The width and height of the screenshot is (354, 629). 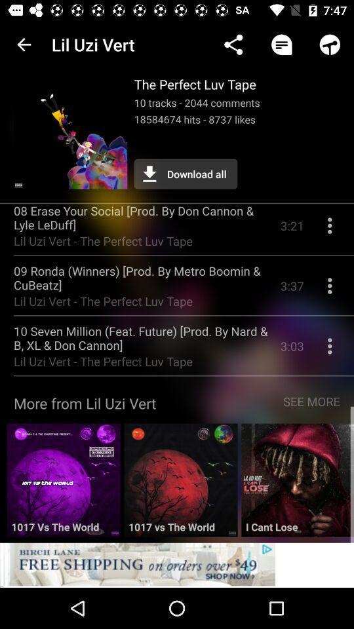 What do you see at coordinates (329, 350) in the screenshot?
I see `open additional options for track` at bounding box center [329, 350].